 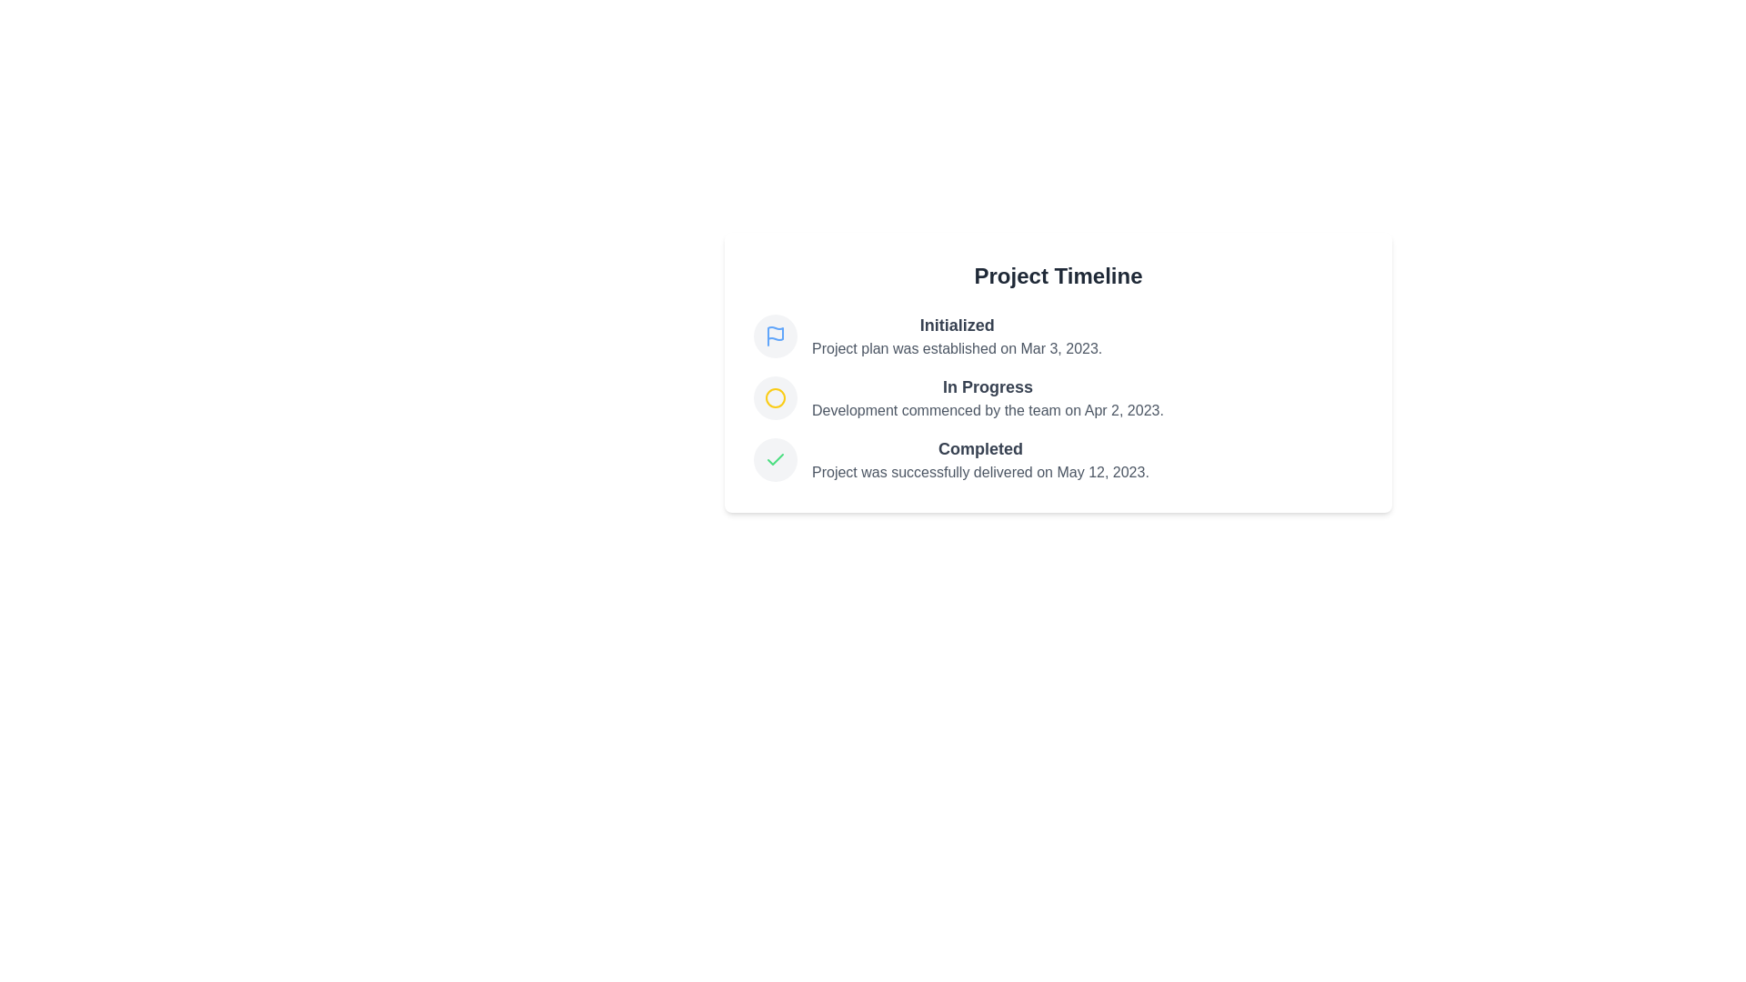 I want to click on static text label that displays 'Completed', which is styled as a prominent subheading within the timeline display, so click(x=979, y=448).